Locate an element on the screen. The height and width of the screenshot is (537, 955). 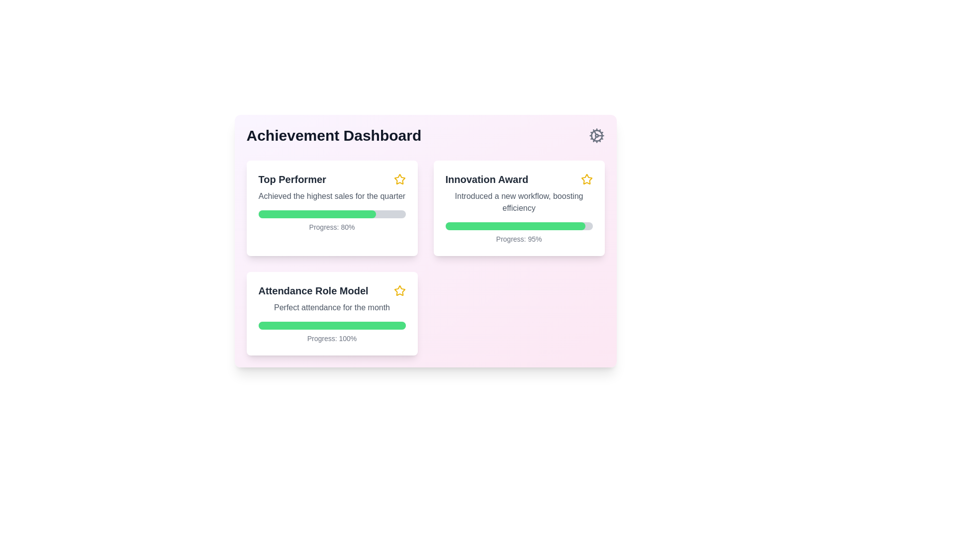
the star-shaped icon with a yellow outline in the top-right corner of the 'Innovation Award' card is located at coordinates (399, 179).